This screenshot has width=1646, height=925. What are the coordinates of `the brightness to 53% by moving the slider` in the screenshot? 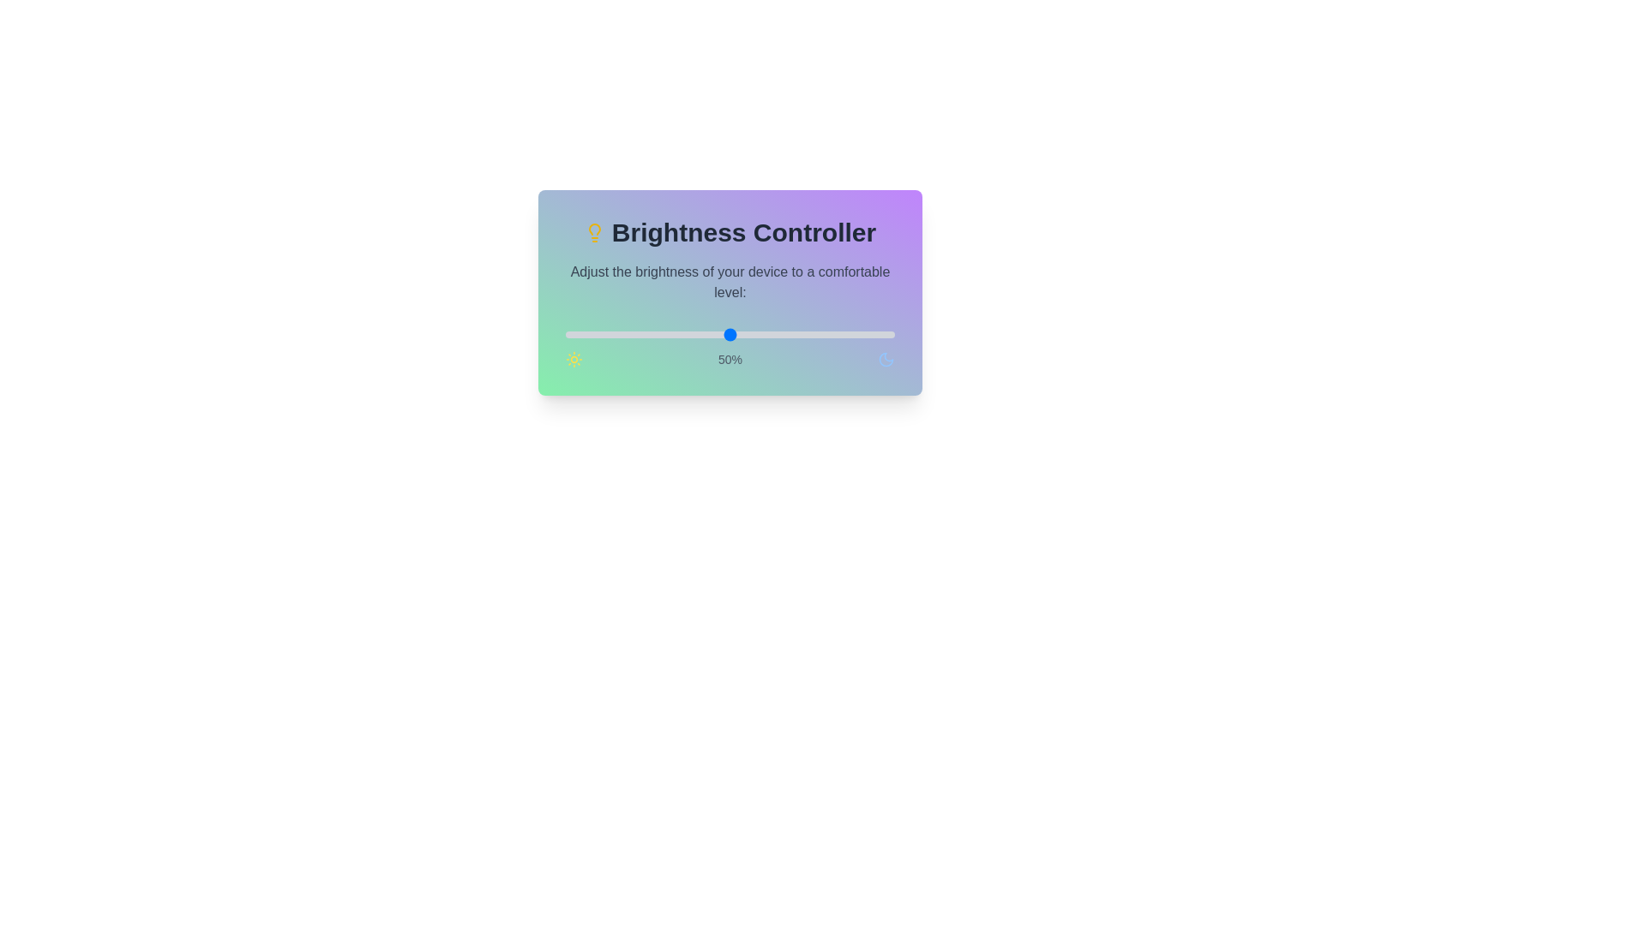 It's located at (740, 334).